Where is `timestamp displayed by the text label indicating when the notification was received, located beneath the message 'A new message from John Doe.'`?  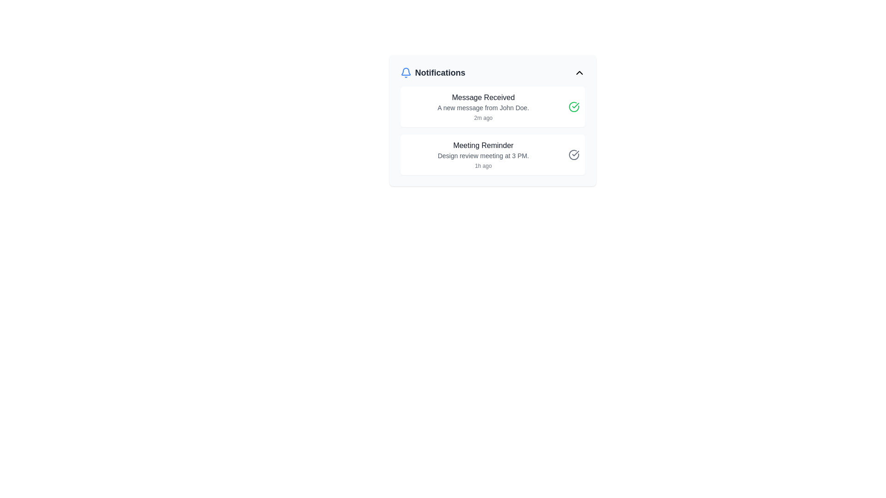
timestamp displayed by the text label indicating when the notification was received, located beneath the message 'A new message from John Doe.' is located at coordinates (483, 117).